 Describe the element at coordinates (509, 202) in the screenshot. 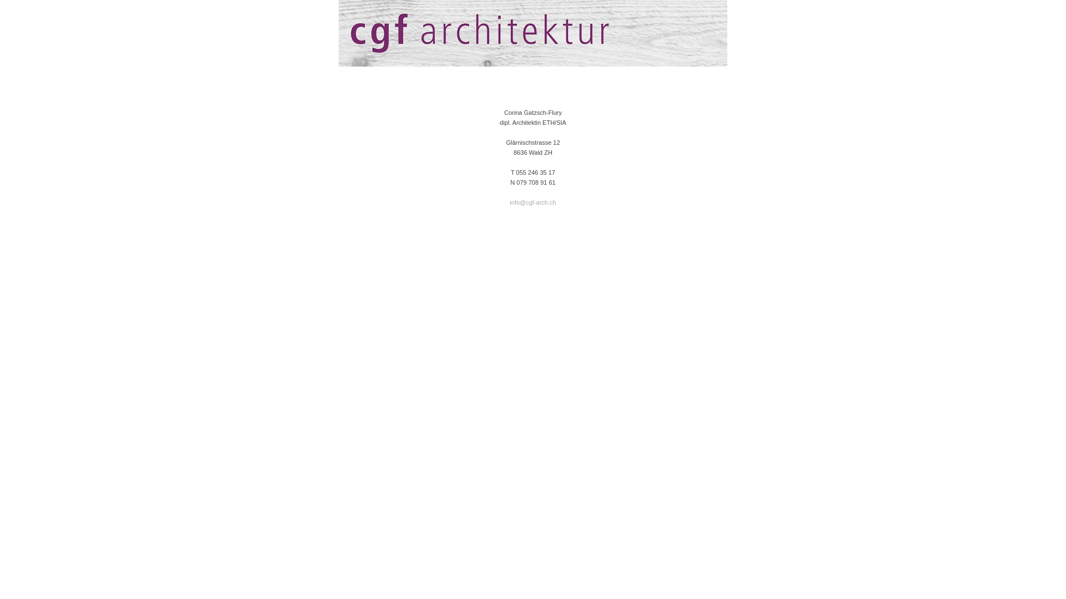

I see `'info@cgf-arch.ch'` at that location.